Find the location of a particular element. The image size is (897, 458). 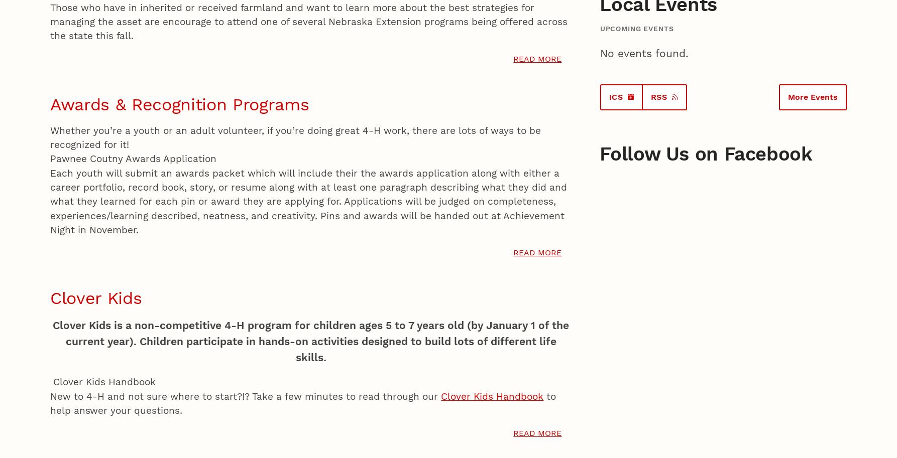

'625 6th St.' is located at coordinates (69, 356).